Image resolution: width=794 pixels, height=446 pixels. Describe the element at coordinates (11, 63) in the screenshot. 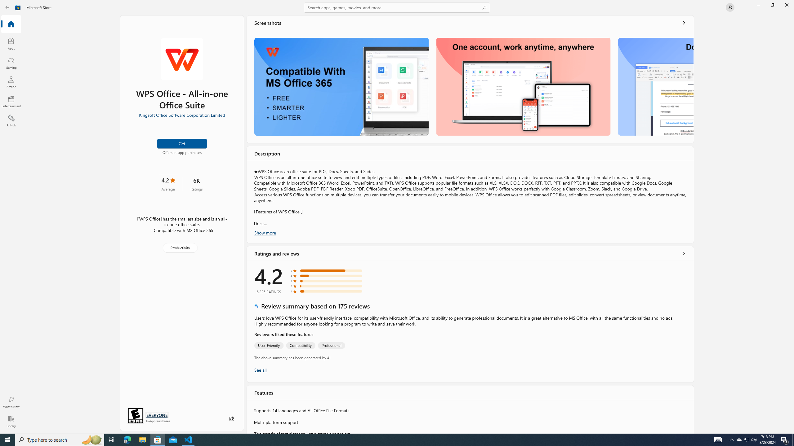

I see `'Gaming'` at that location.